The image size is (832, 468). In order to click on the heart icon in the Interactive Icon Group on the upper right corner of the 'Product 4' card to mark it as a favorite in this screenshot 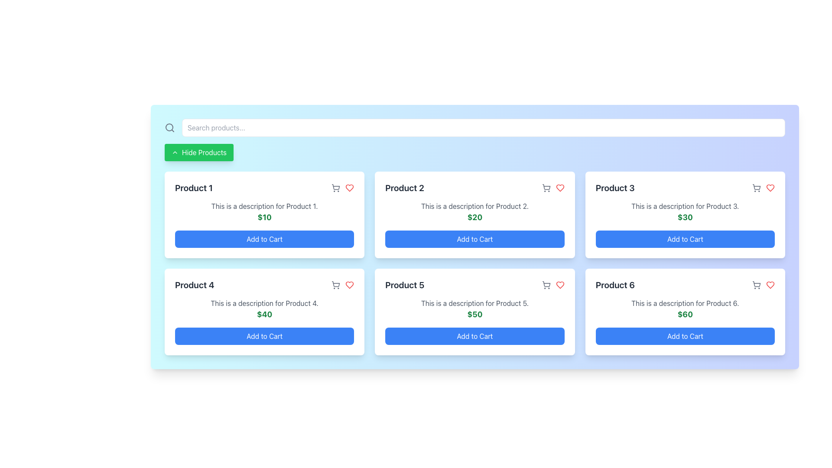, I will do `click(342, 285)`.